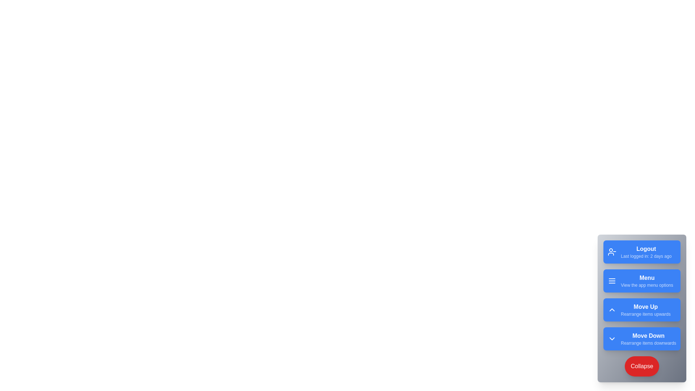  I want to click on the blue rectangular button with rounded corners labeled 'Menu' that activates menu options, located below the 'Logout' button and above the 'Move Up' button in the vertical list, so click(642, 280).